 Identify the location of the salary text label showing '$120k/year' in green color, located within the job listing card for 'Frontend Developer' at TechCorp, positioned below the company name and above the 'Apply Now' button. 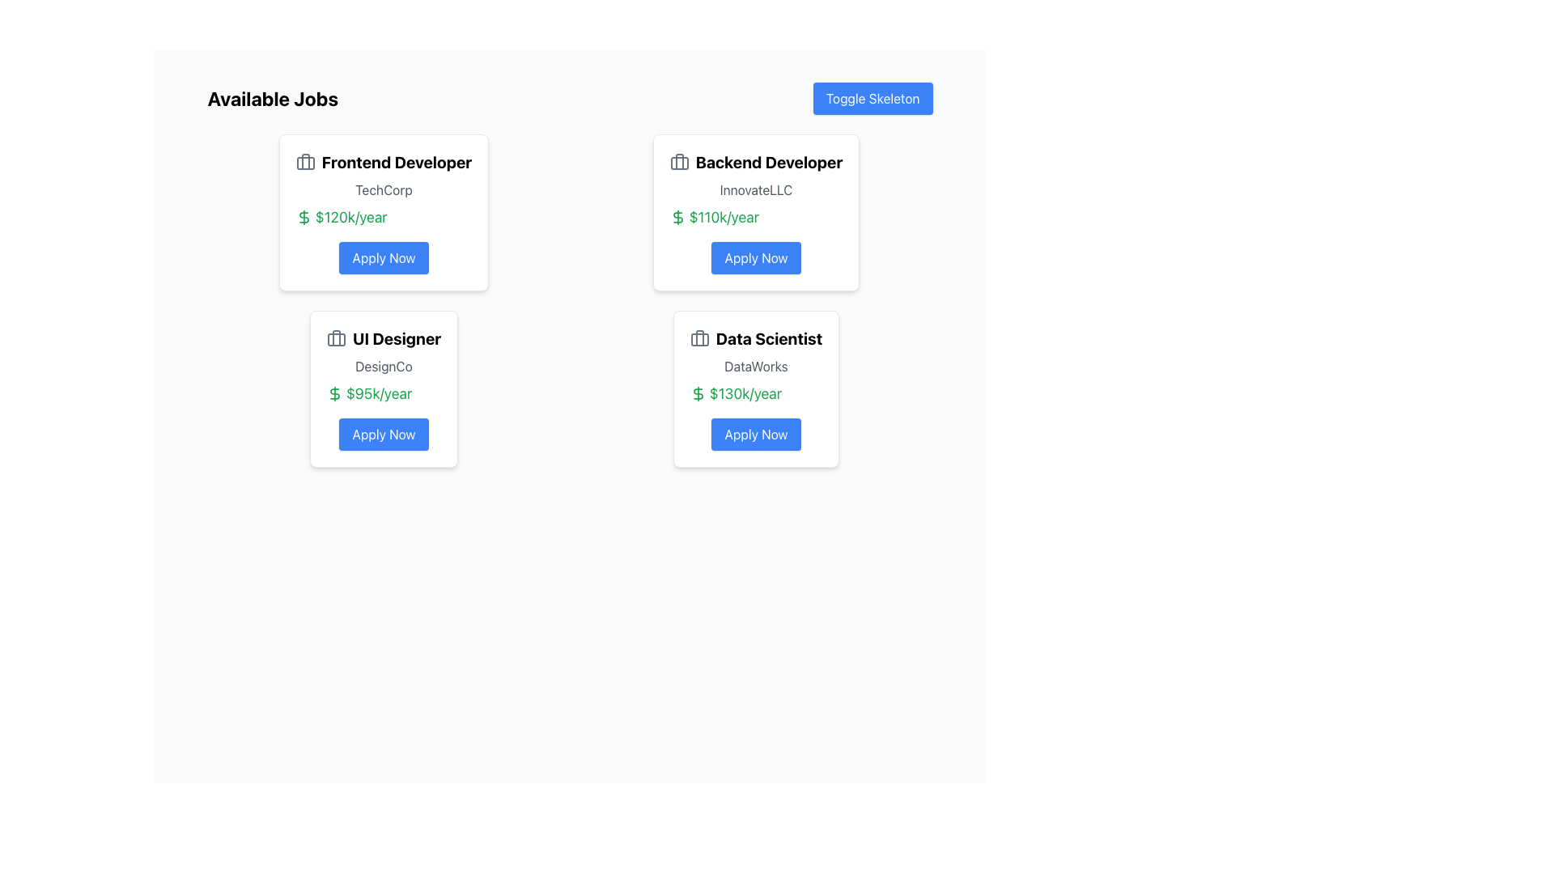
(383, 217).